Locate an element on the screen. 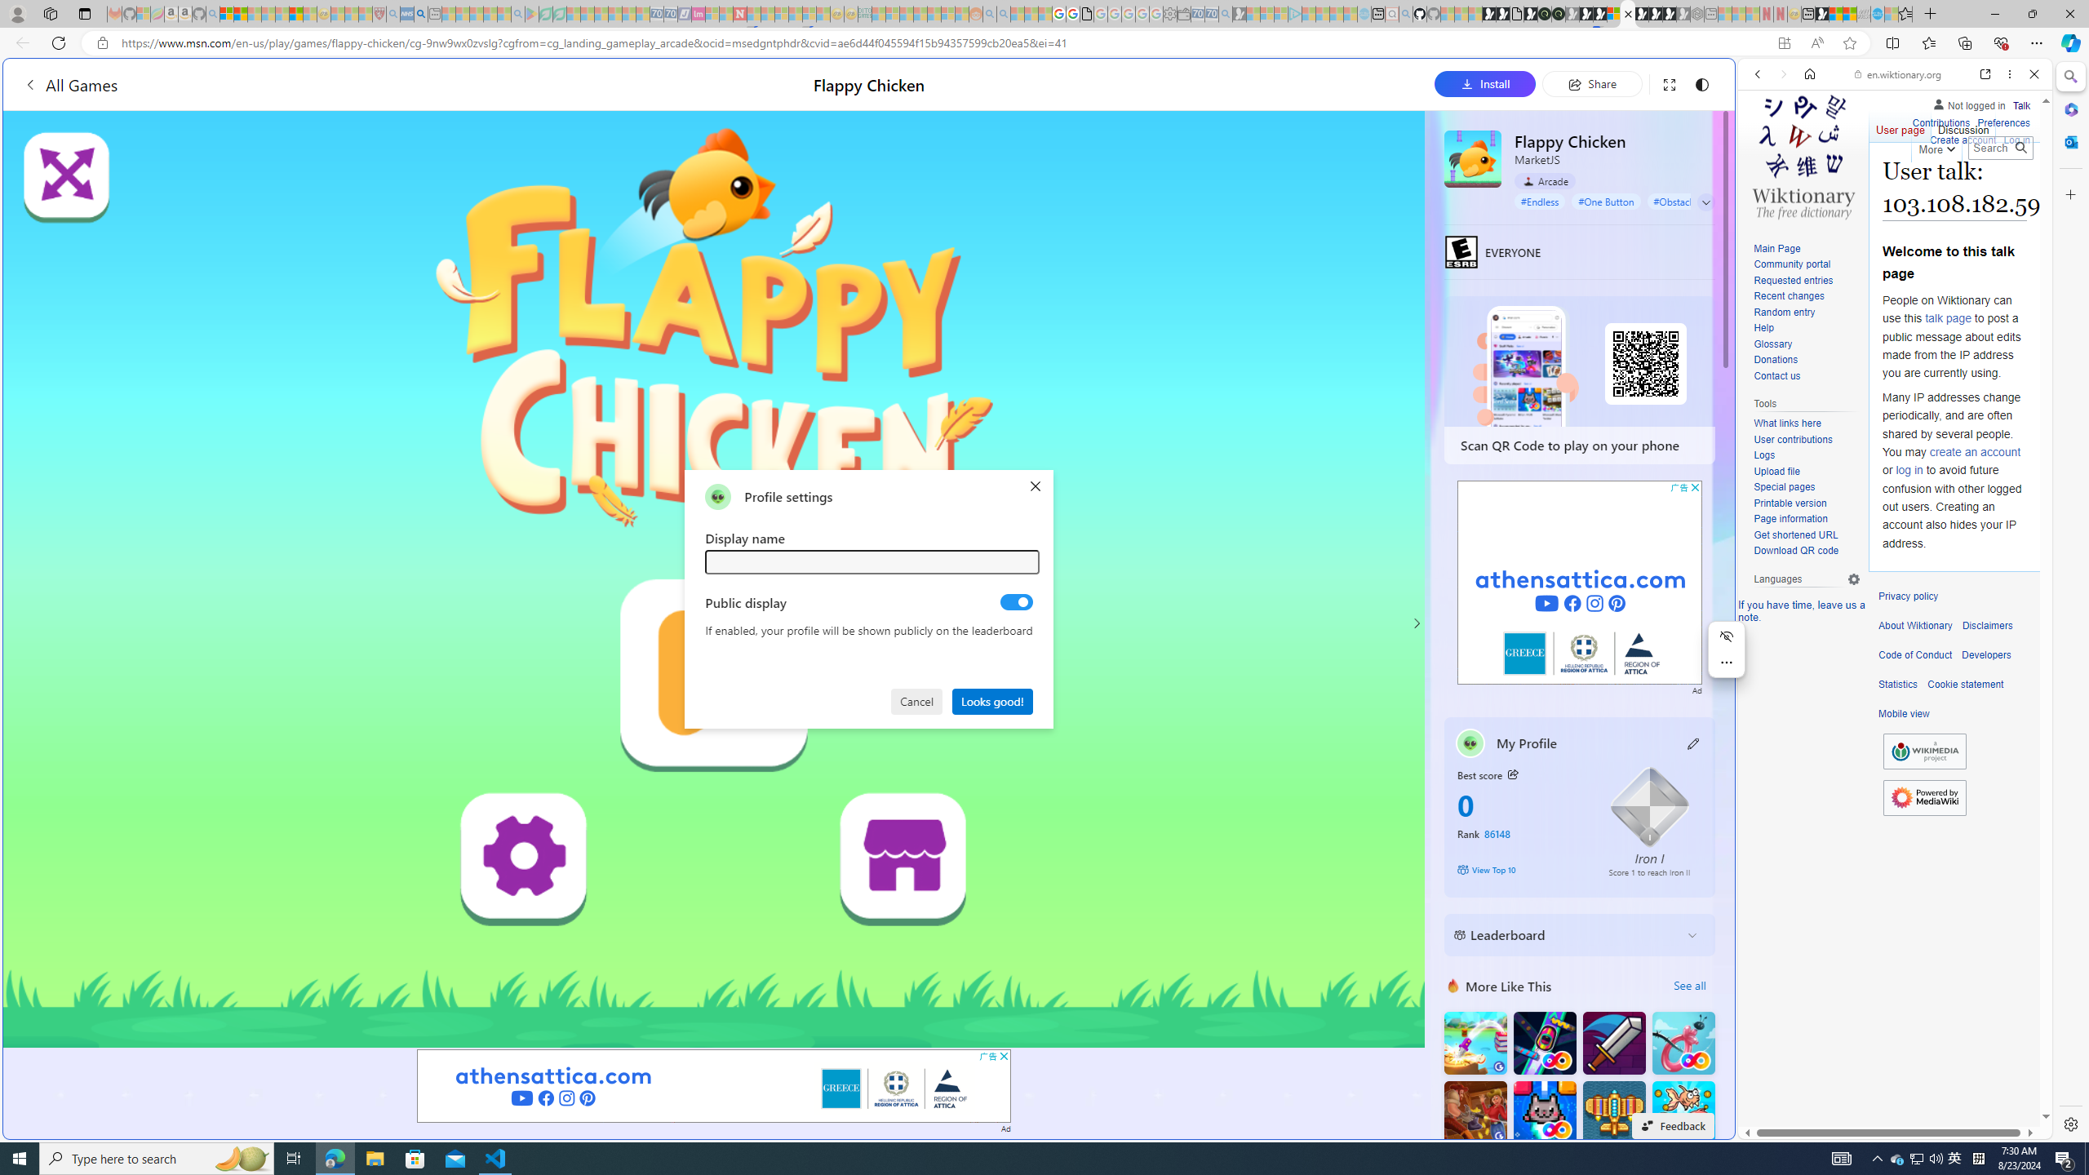  'Talk' is located at coordinates (2020, 105).